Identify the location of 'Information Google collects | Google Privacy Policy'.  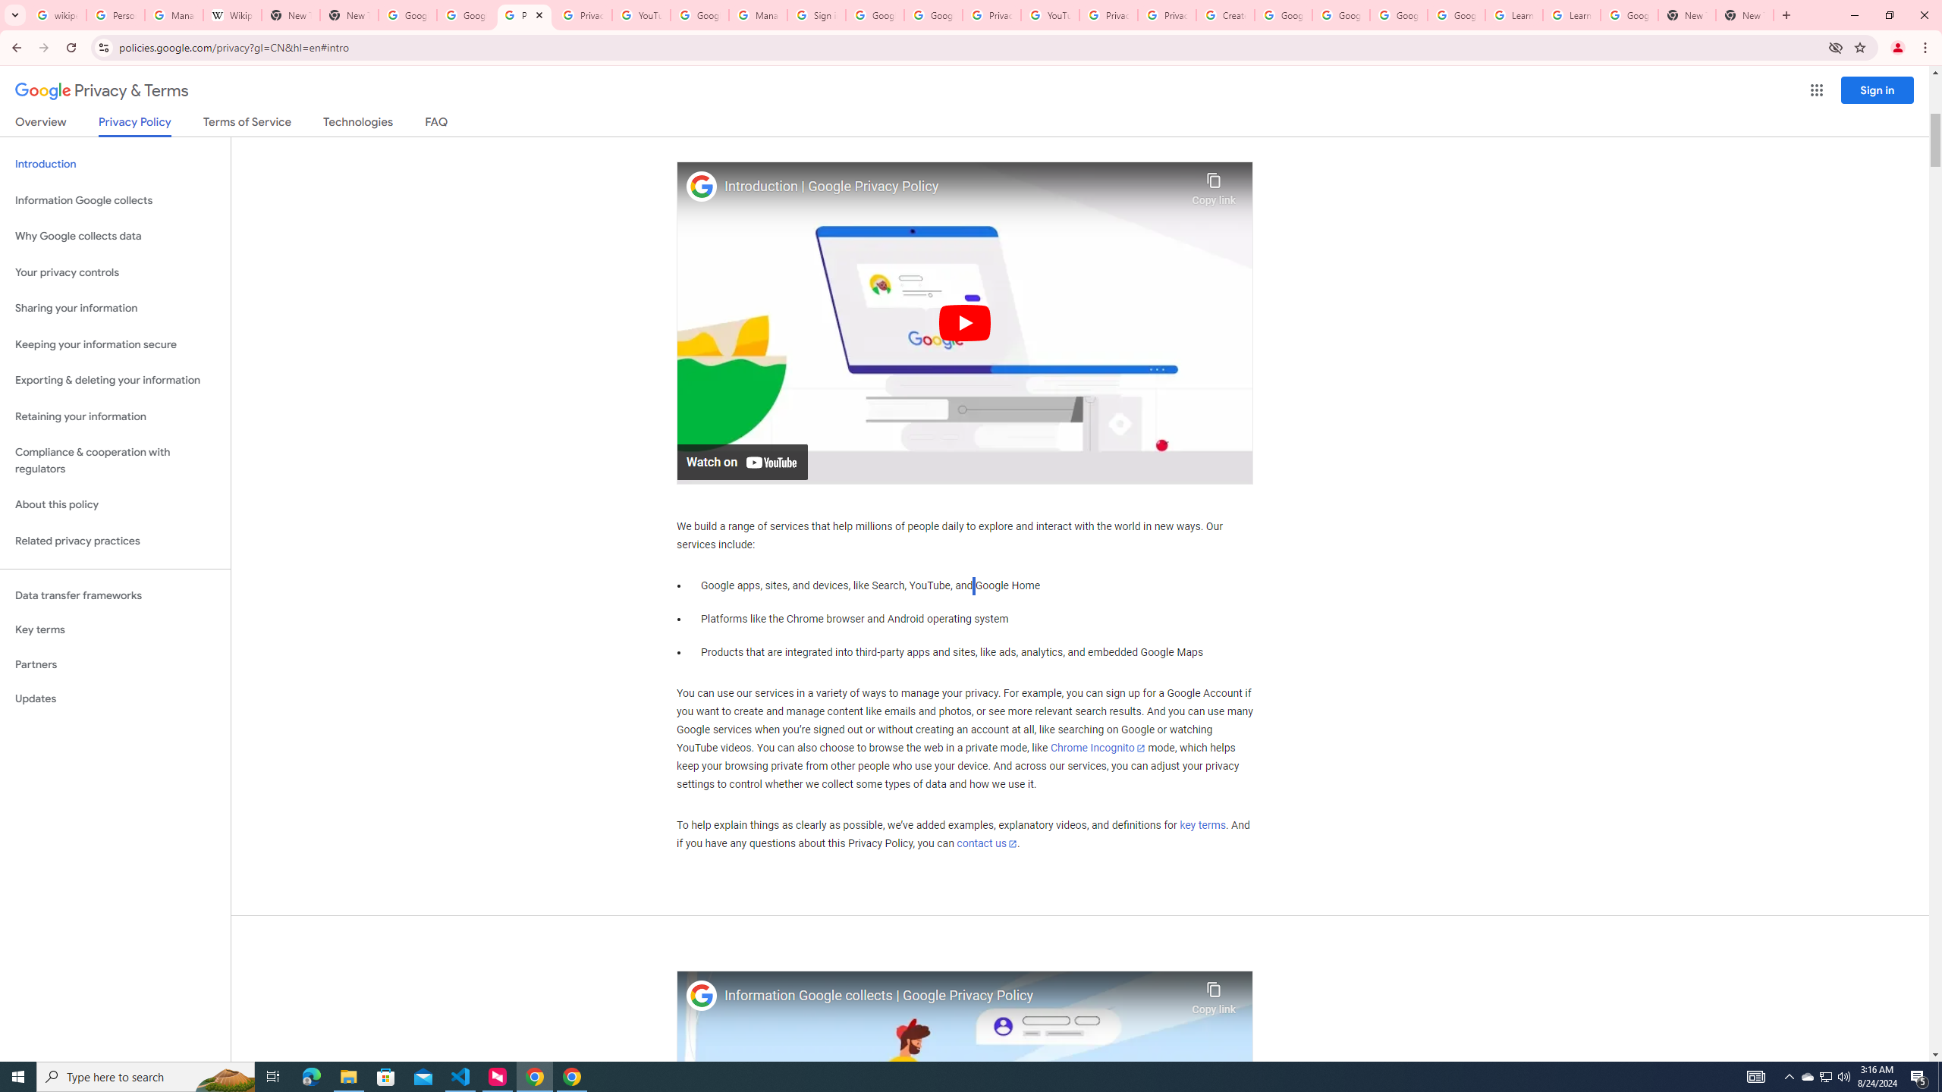
(954, 996).